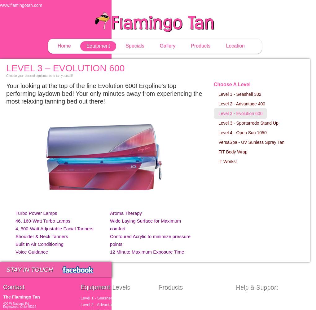  I want to click on 'Call:(937)771-7005', so click(272, 5).